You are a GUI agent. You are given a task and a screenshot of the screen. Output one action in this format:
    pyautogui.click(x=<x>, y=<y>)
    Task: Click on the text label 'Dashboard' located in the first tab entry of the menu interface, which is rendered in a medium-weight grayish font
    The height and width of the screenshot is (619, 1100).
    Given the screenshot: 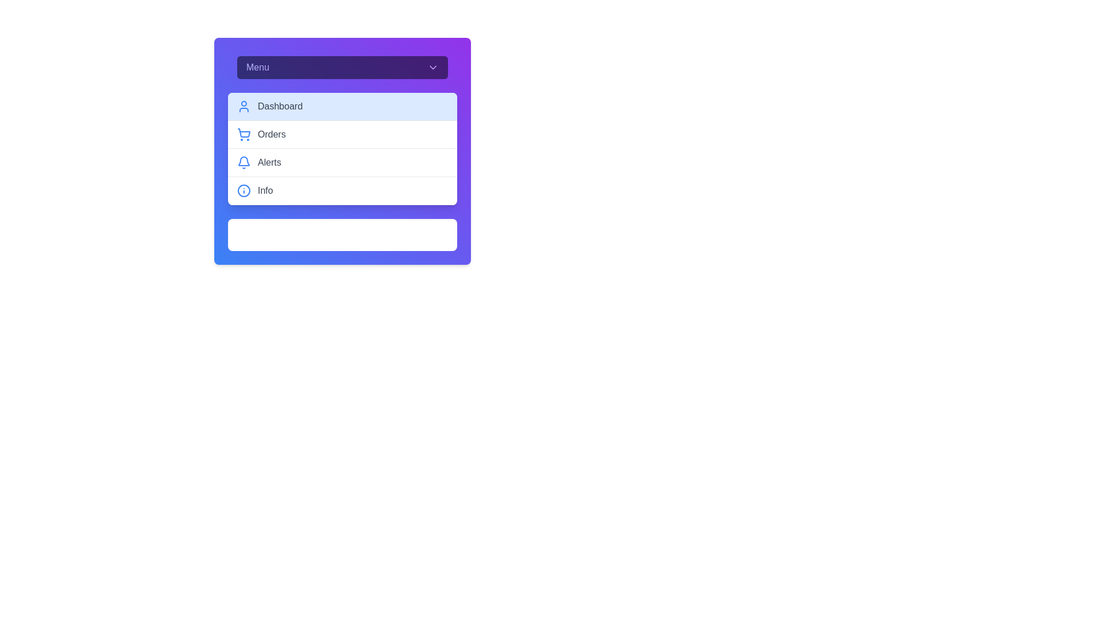 What is the action you would take?
    pyautogui.click(x=280, y=106)
    